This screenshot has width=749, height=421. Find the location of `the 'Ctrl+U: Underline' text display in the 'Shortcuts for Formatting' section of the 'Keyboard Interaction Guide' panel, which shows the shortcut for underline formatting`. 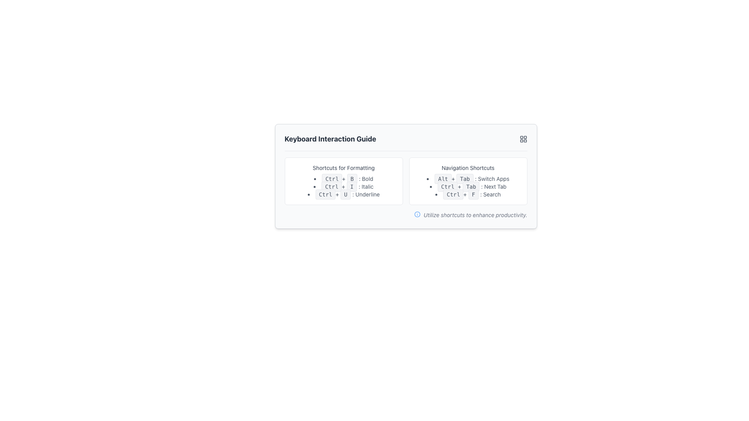

the 'Ctrl+U: Underline' text display in the 'Shortcuts for Formatting' section of the 'Keyboard Interaction Guide' panel, which shows the shortcut for underline formatting is located at coordinates (343, 194).